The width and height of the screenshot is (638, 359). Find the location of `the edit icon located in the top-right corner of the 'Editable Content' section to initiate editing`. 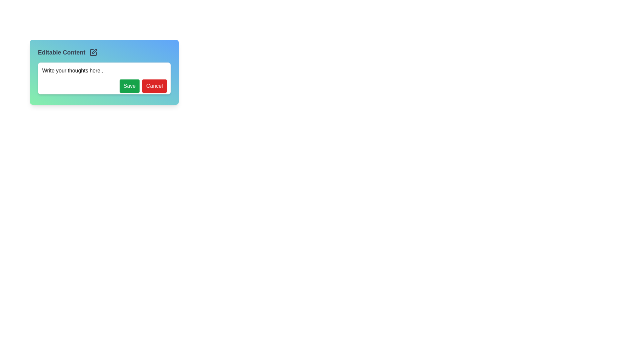

the edit icon located in the top-right corner of the 'Editable Content' section to initiate editing is located at coordinates (94, 51).